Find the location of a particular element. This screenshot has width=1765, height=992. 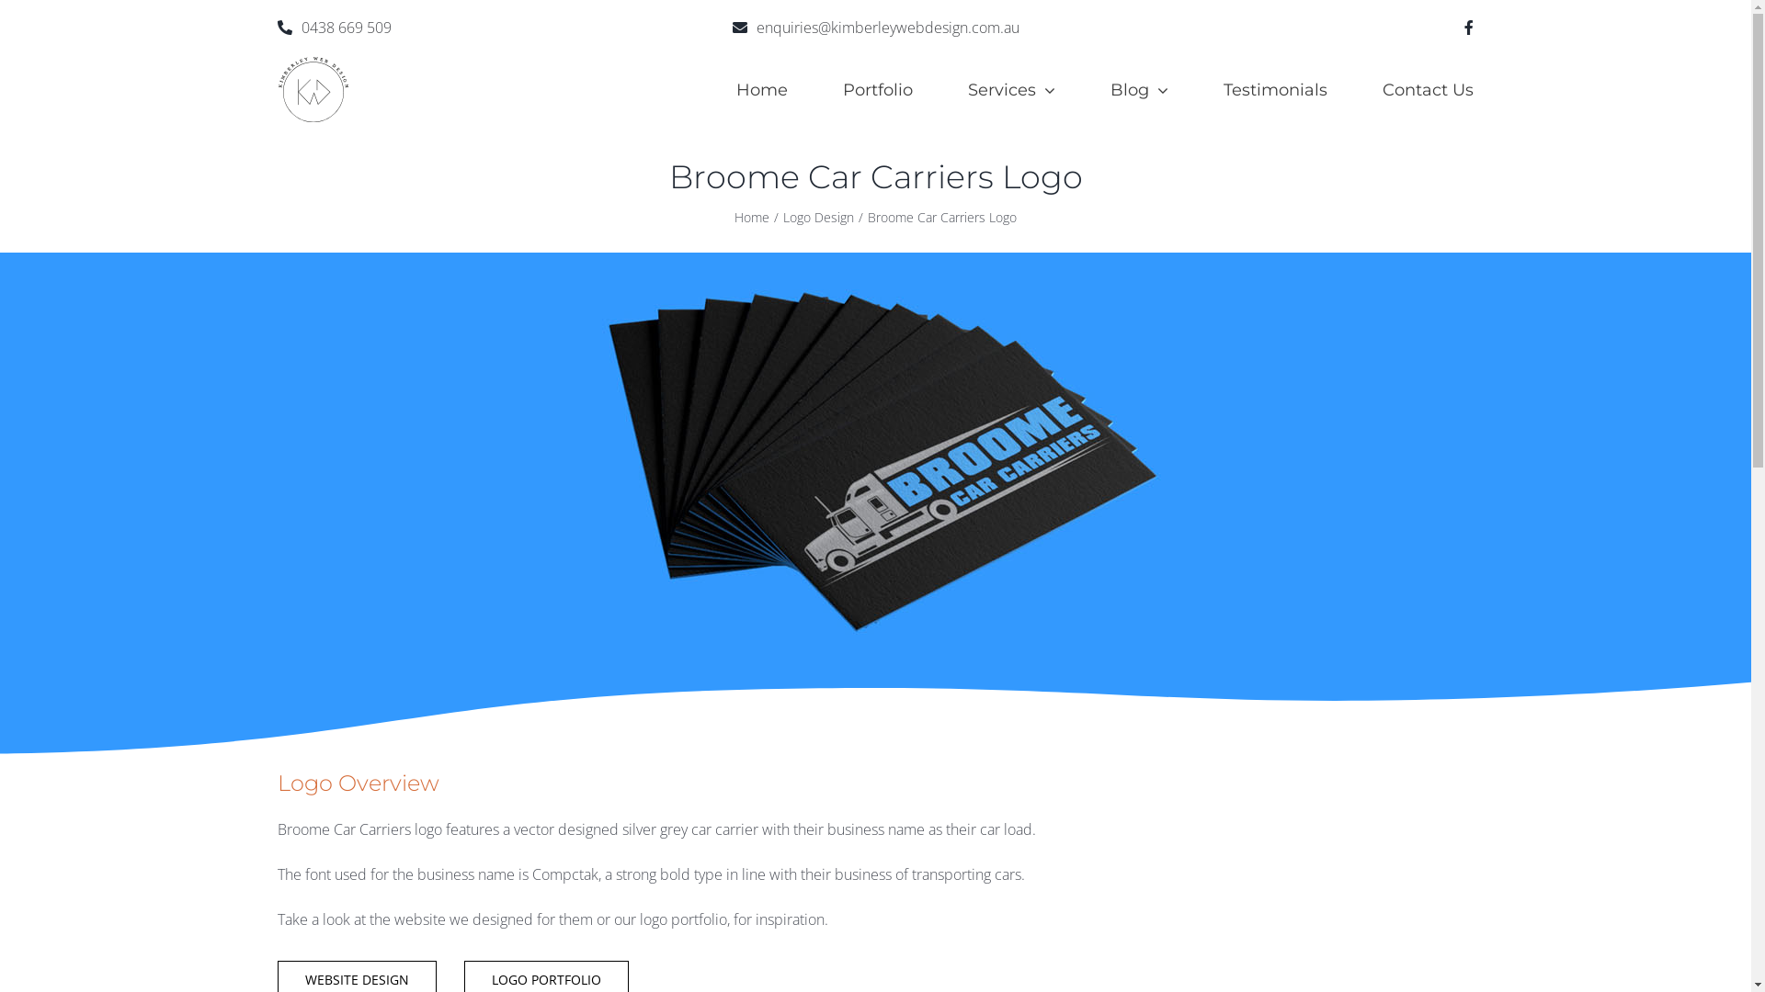

'Services' is located at coordinates (1010, 89).